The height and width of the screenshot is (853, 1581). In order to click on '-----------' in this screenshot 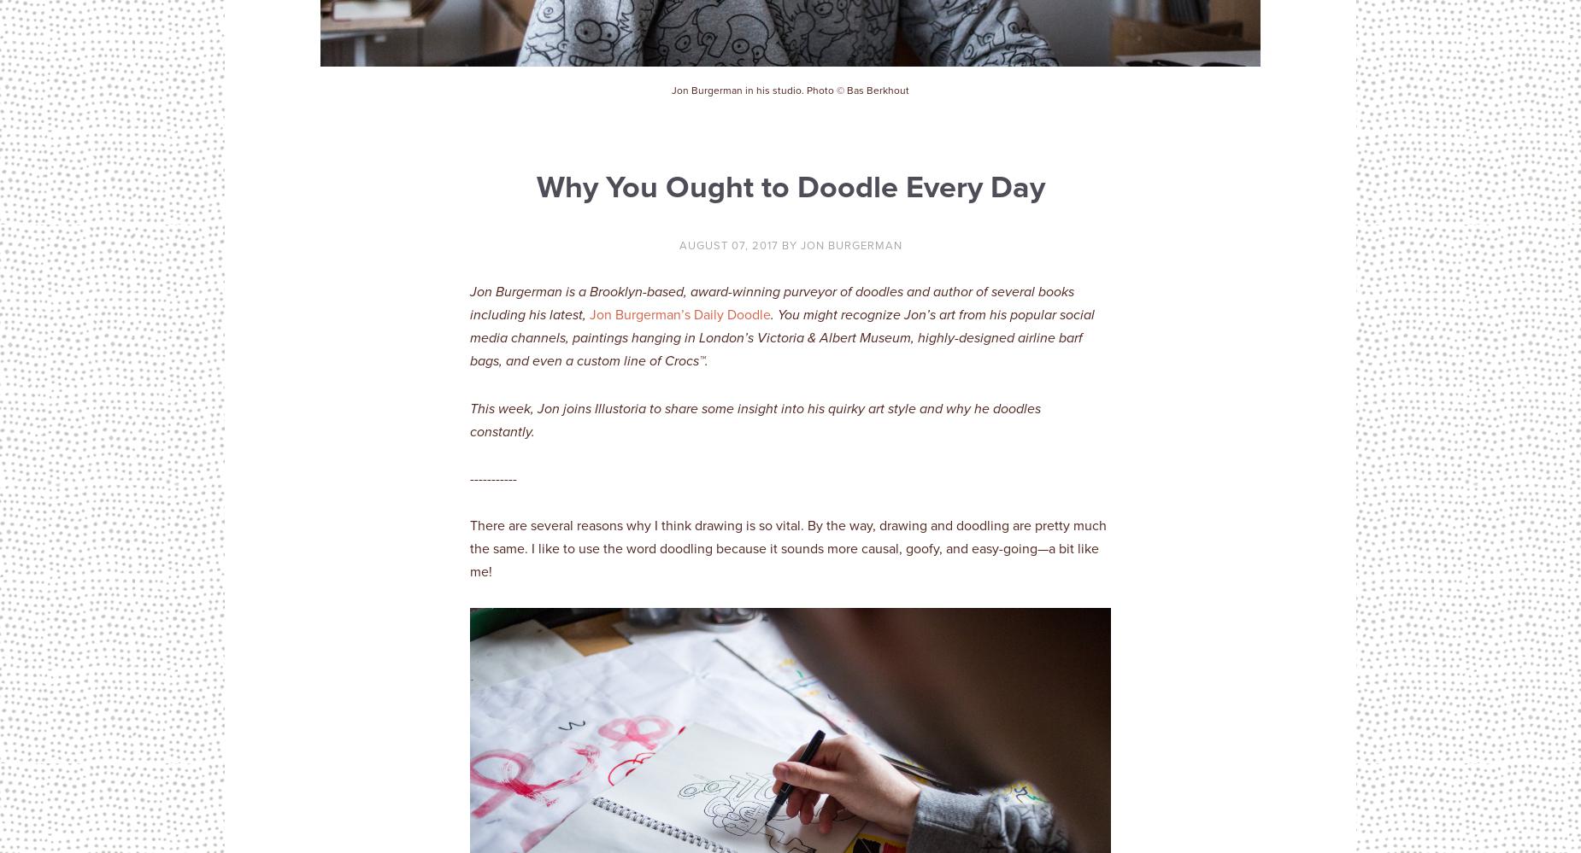, I will do `click(493, 477)`.